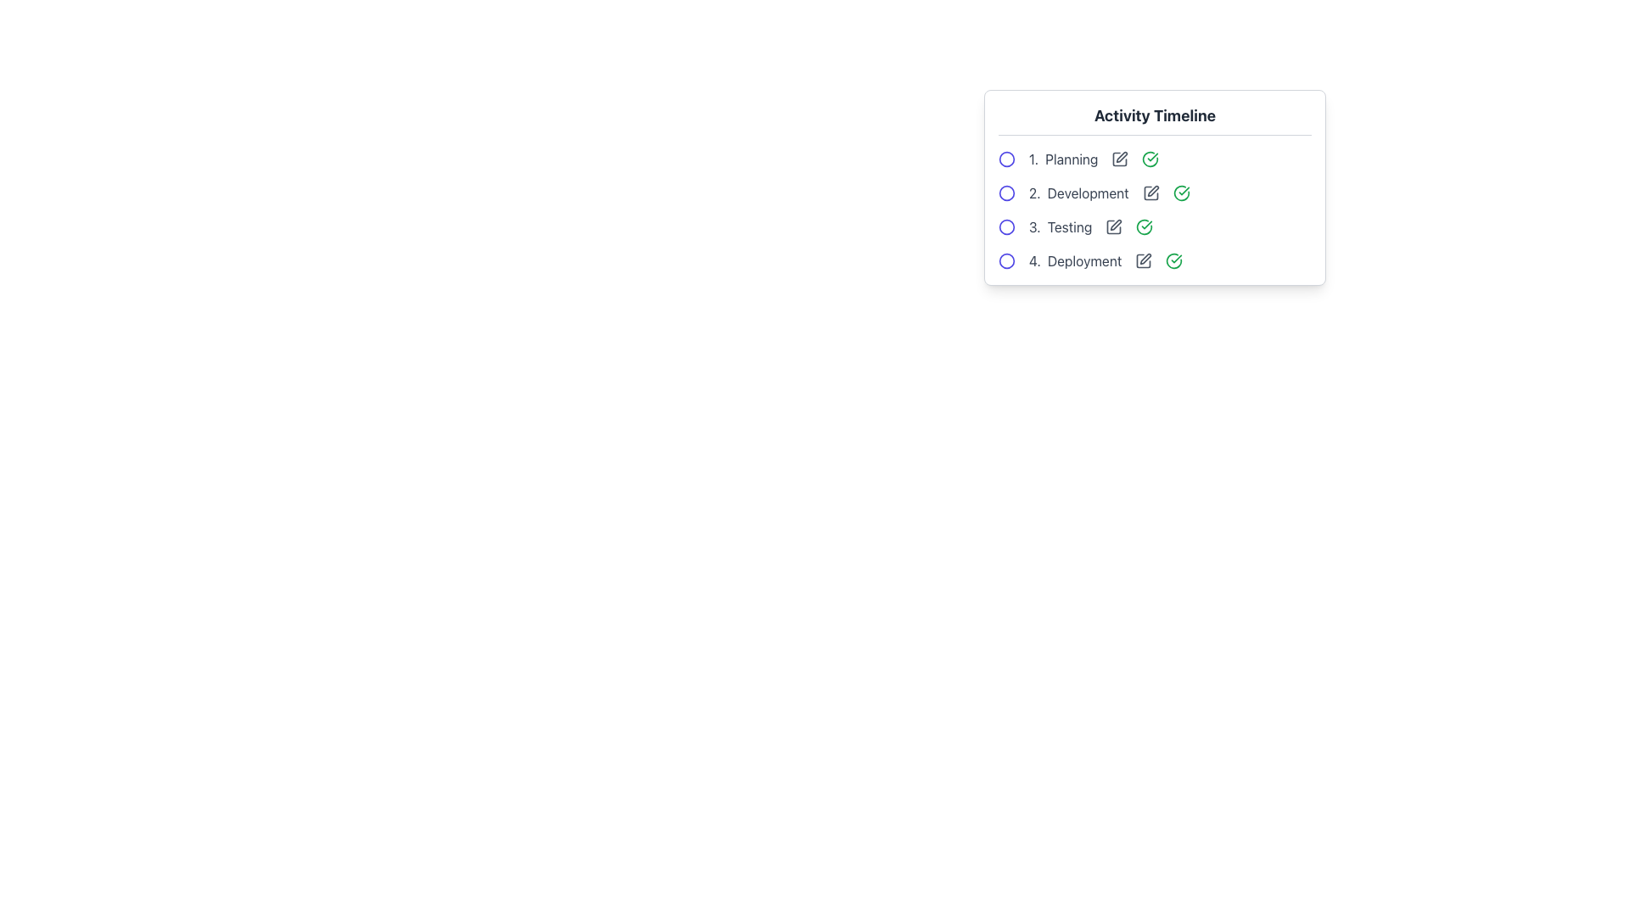 The height and width of the screenshot is (916, 1629). I want to click on the status of the circular icon with a thin indigo border located in the 'Activity Timeline' section preceding the text '3. Testing', so click(1006, 226).